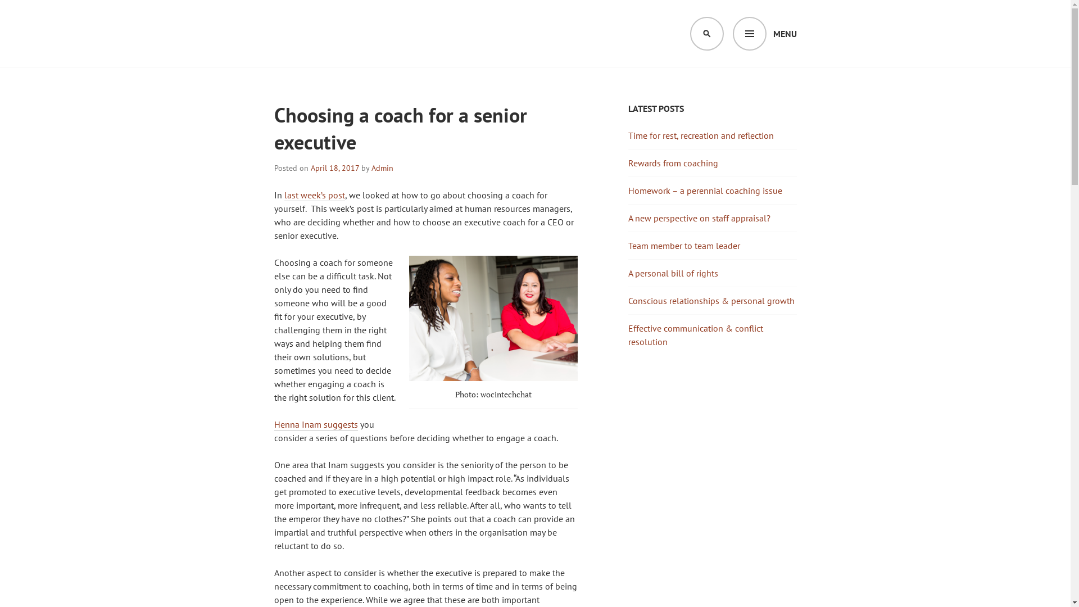  Describe the element at coordinates (382, 168) in the screenshot. I see `'Admin'` at that location.